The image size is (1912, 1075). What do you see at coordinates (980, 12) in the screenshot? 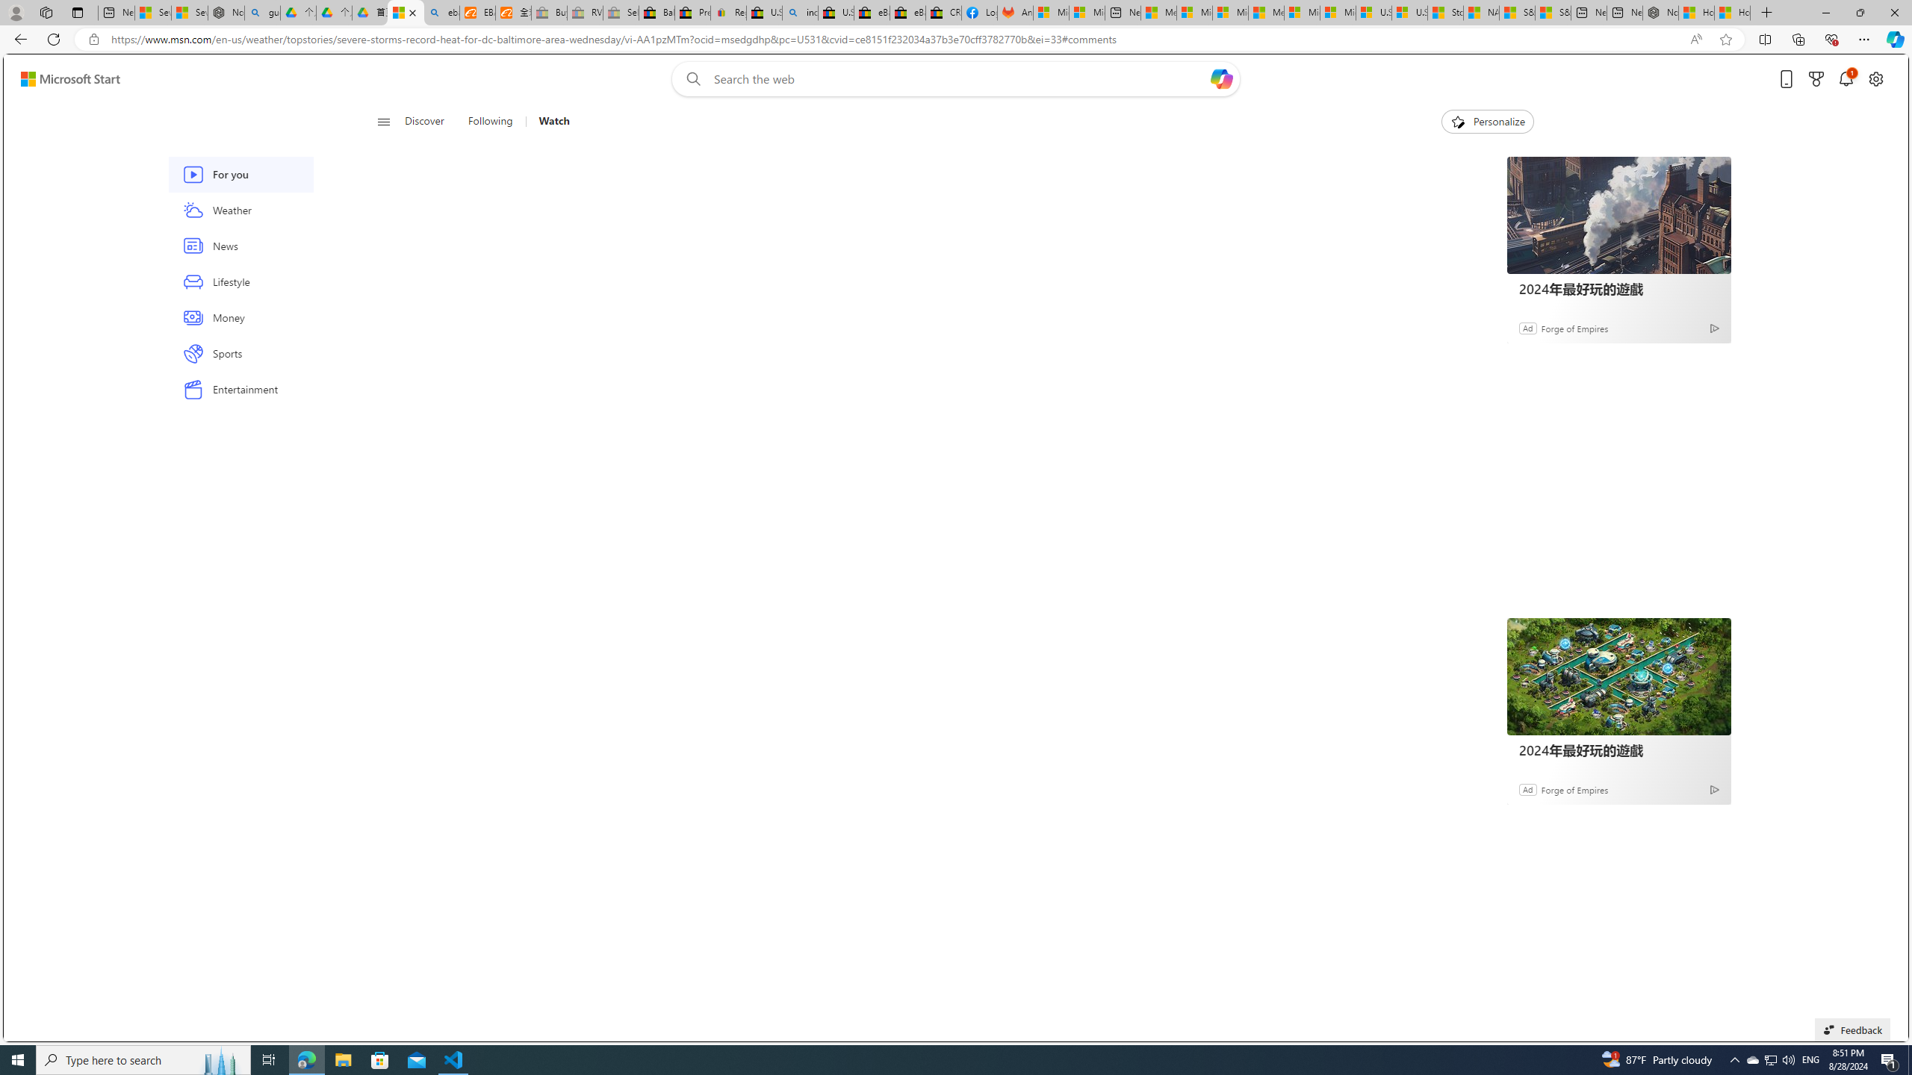
I see `'Log into Facebook'` at bounding box center [980, 12].